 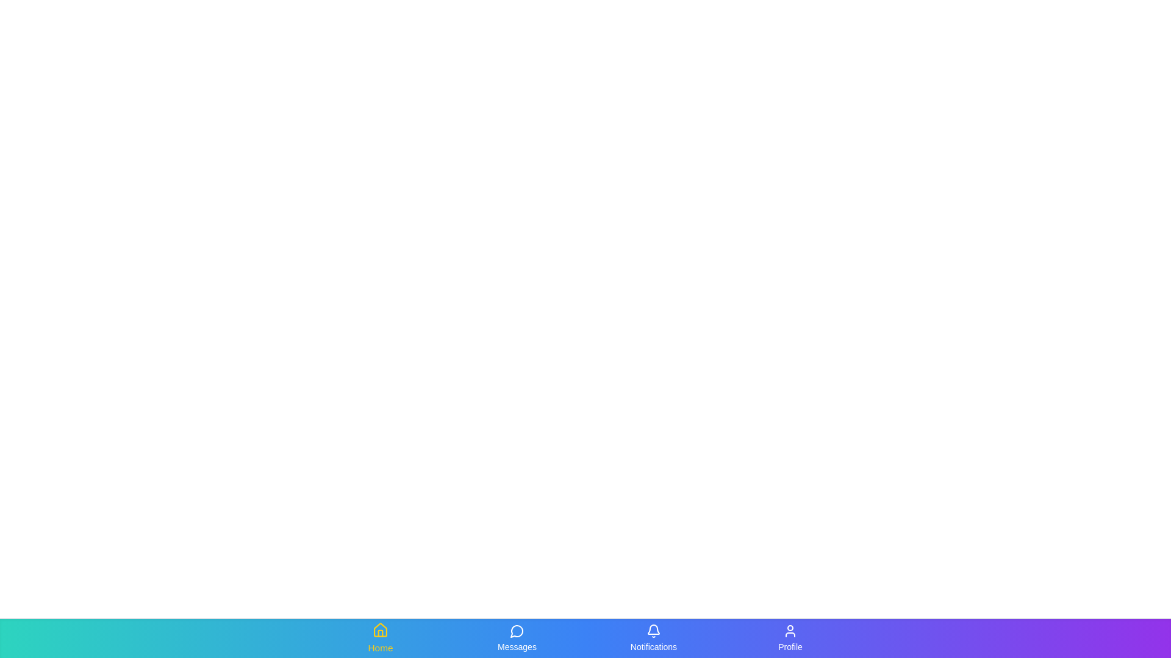 What do you see at coordinates (653, 638) in the screenshot?
I see `the Notifications tab from the navigation bar` at bounding box center [653, 638].